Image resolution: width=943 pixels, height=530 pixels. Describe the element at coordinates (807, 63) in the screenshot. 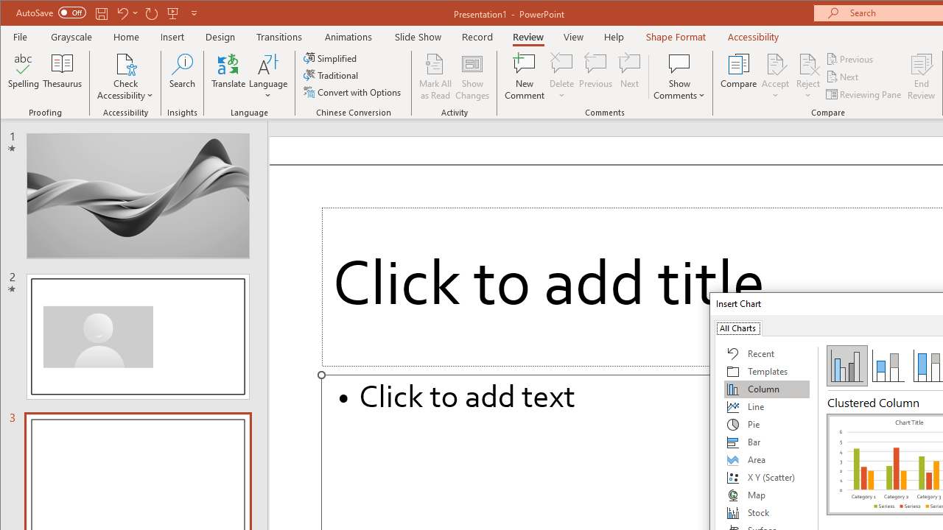

I see `'Reject Change'` at that location.